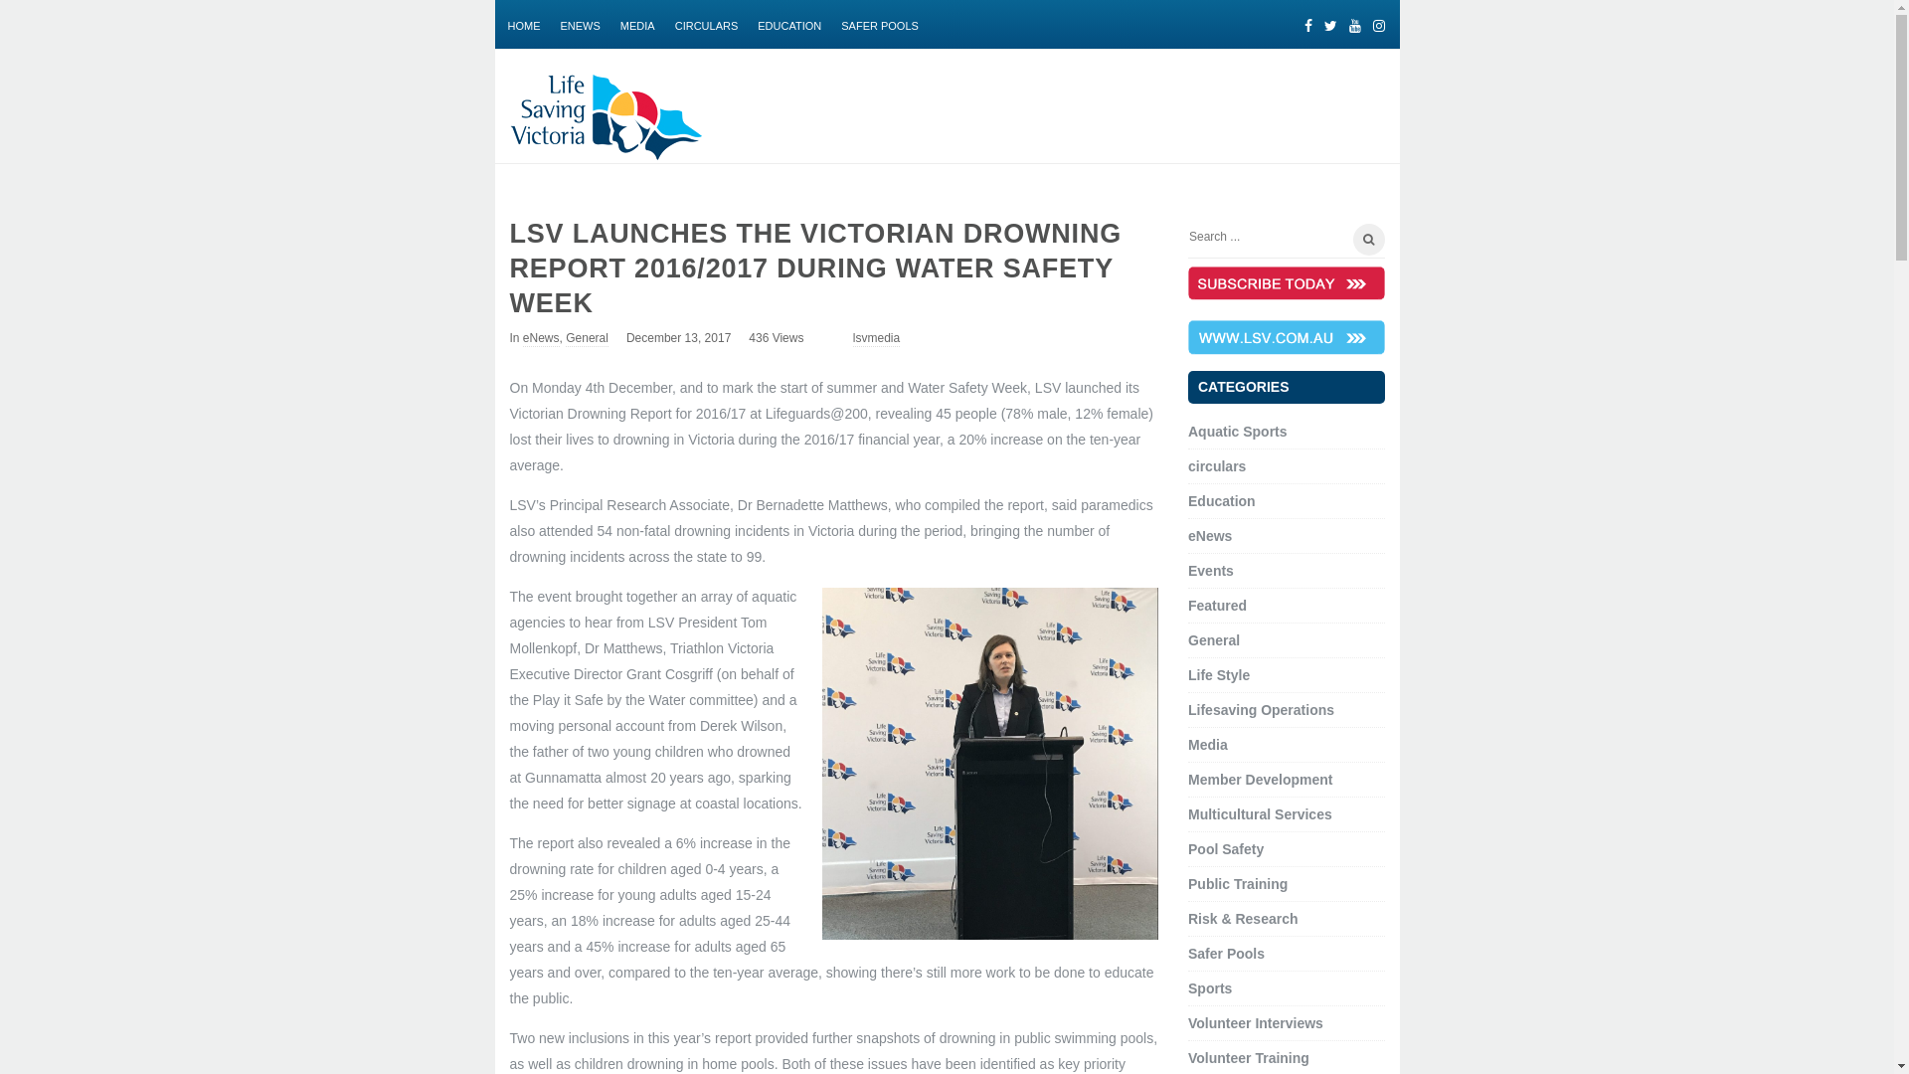  I want to click on 'Pool Safety', so click(1225, 848).